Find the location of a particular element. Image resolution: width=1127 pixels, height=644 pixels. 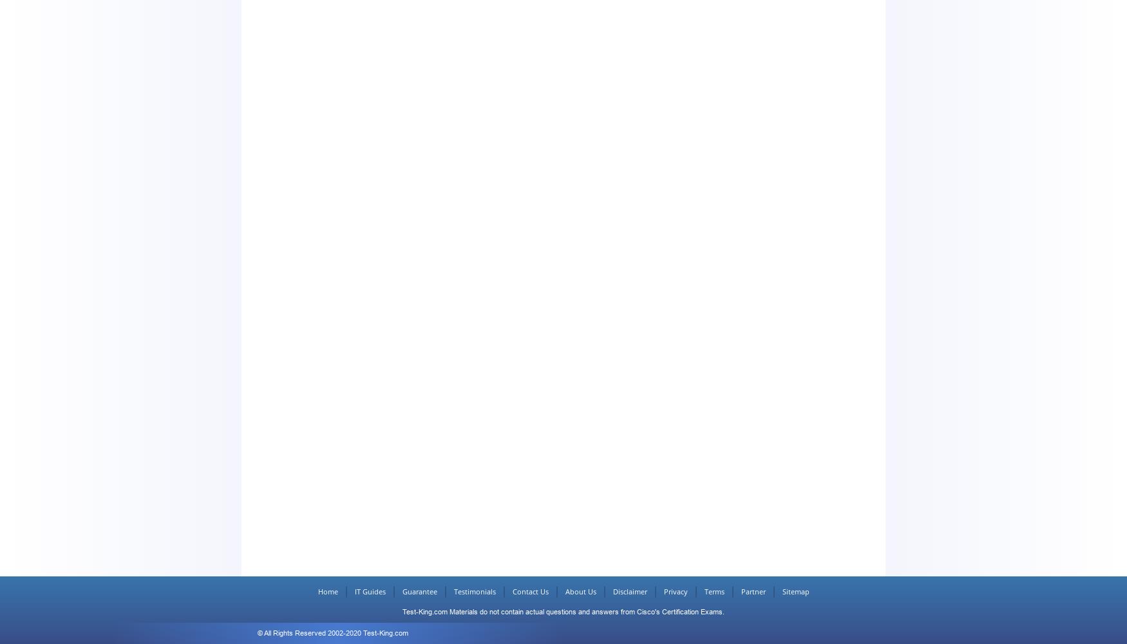

'Guarantee' is located at coordinates (419, 591).